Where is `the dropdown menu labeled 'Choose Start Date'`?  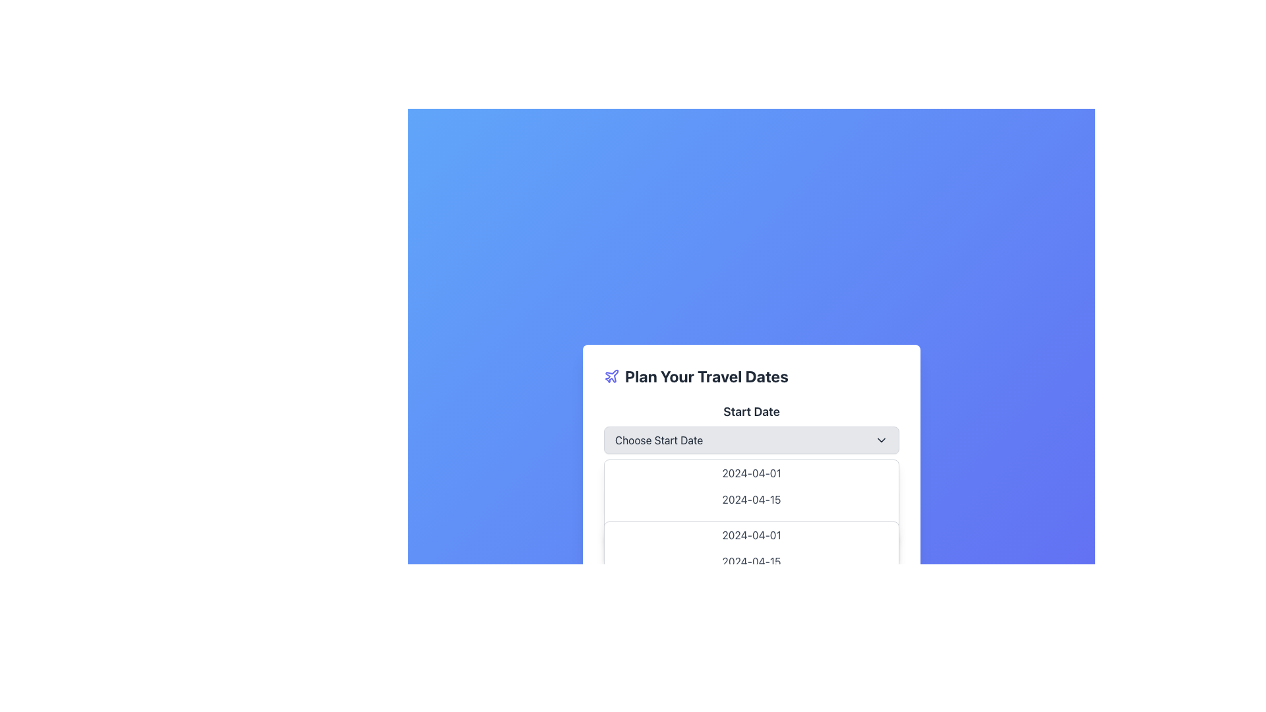
the dropdown menu labeled 'Choose Start Date' is located at coordinates (752, 440).